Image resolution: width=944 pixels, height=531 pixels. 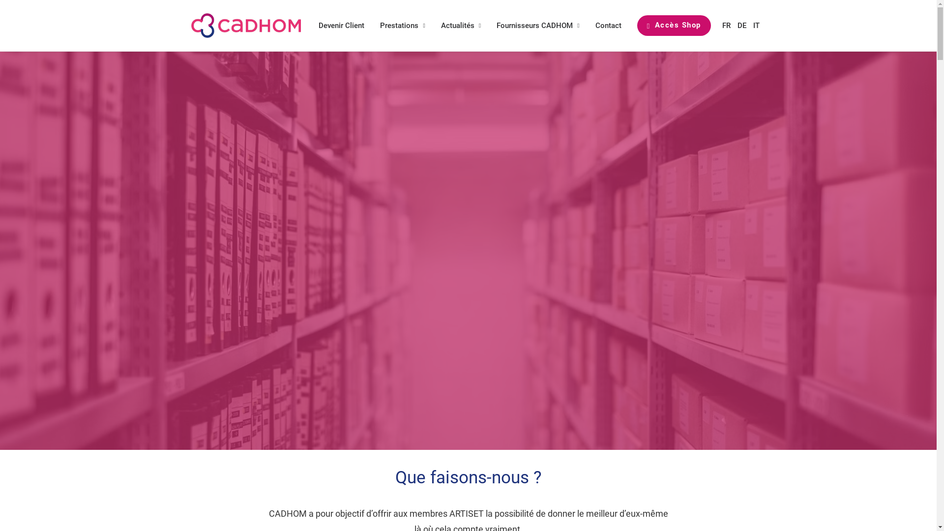 I want to click on 'Fournisseurs CADHOM', so click(x=490, y=25).